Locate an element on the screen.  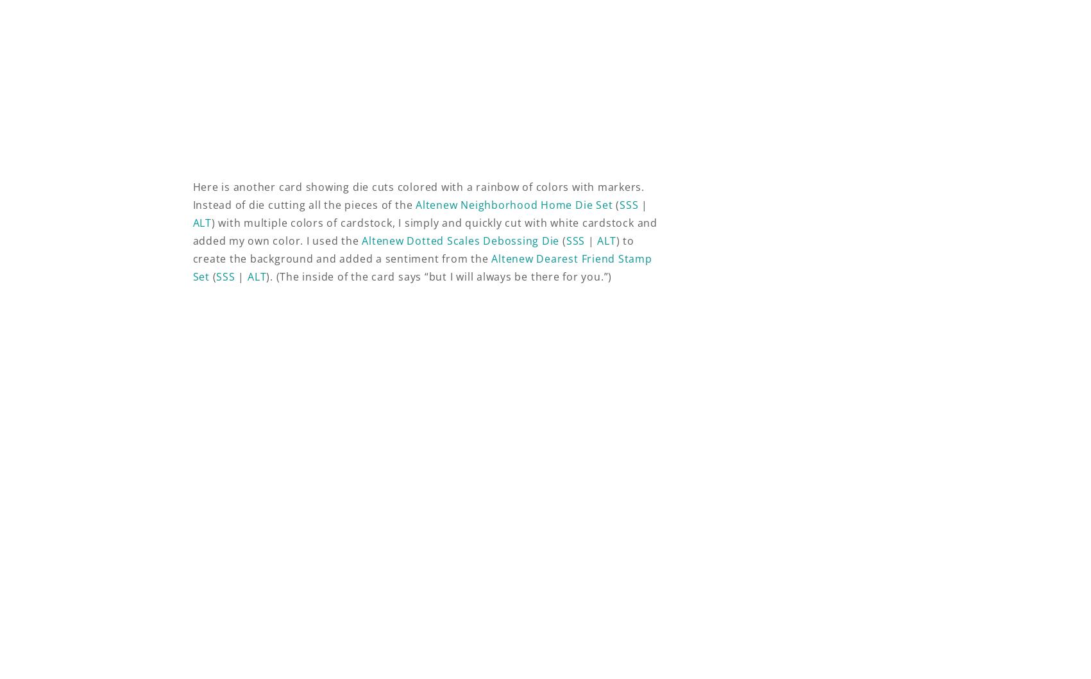
'Altenew Neighborhood Home Die Set' is located at coordinates (514, 205).